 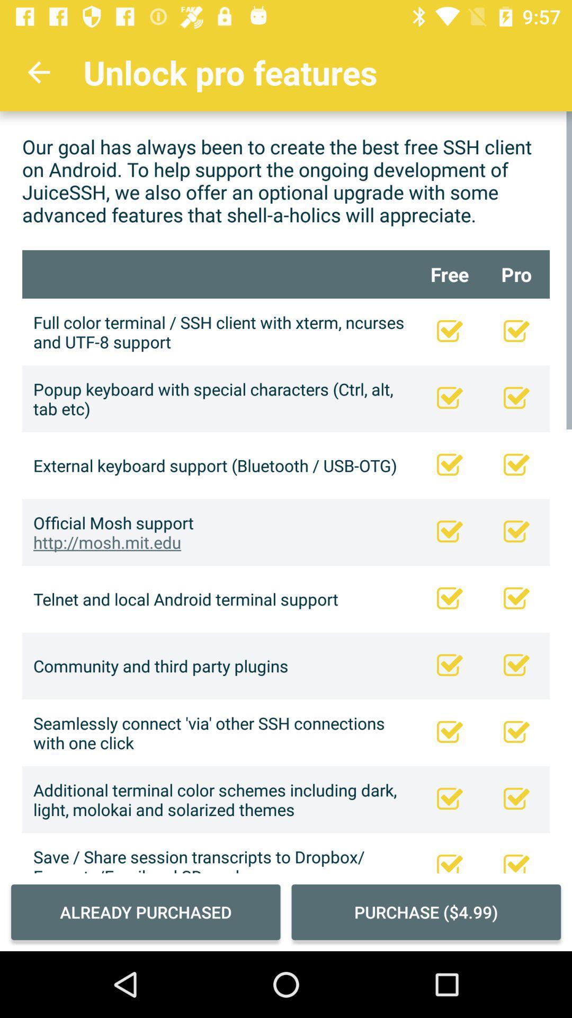 I want to click on the icon next to already purchased item, so click(x=425, y=911).